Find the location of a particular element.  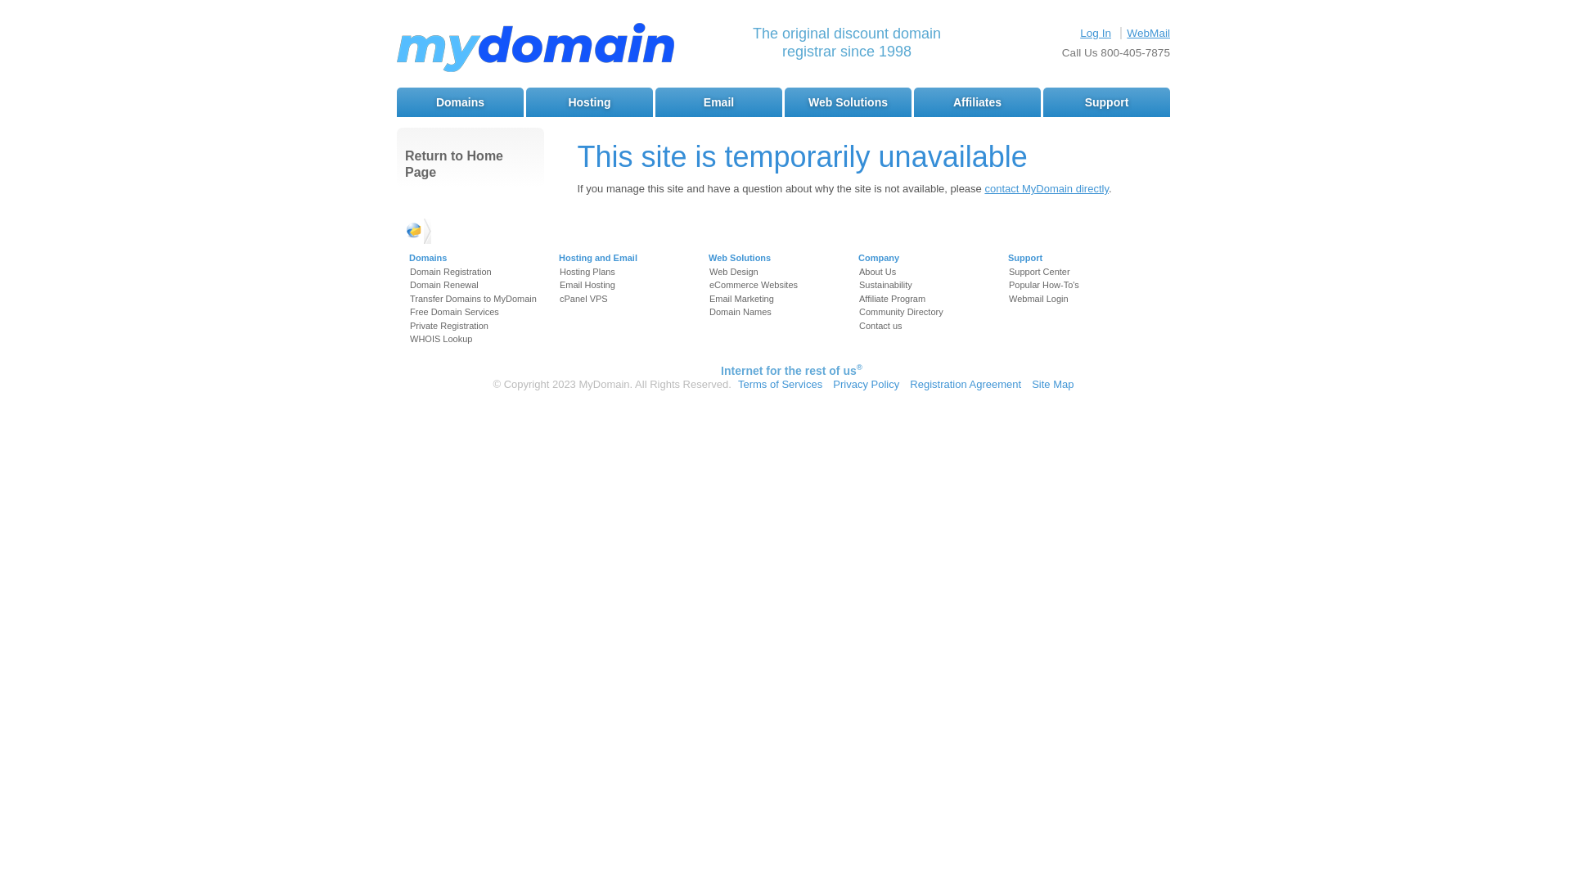

'WebMail' is located at coordinates (1147, 33).